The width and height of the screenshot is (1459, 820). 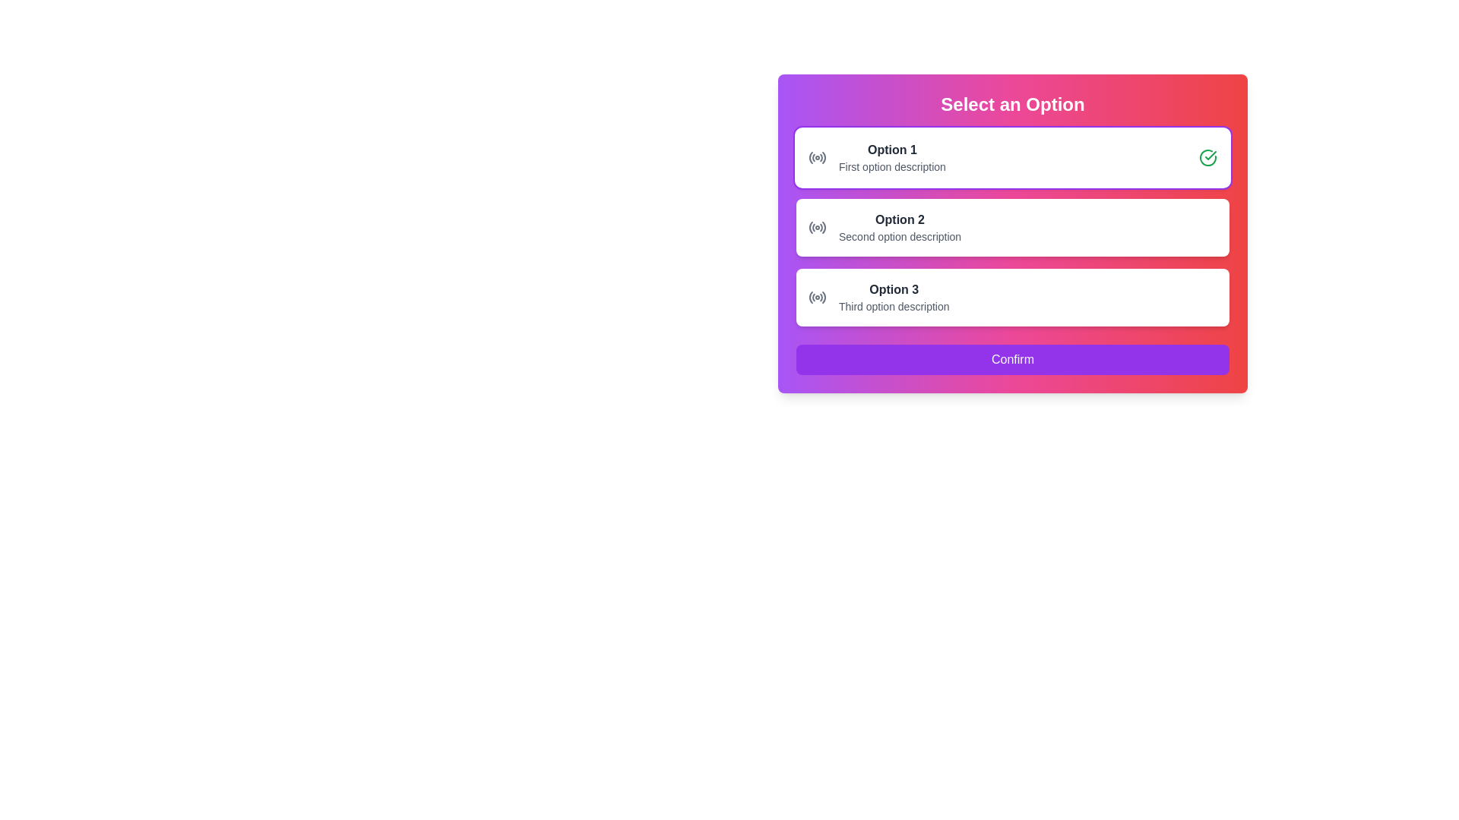 I want to click on the 'Option 2' text label, which is a bold dark gray title positioned above its descriptive text in the 'Options' section, so click(x=900, y=219).